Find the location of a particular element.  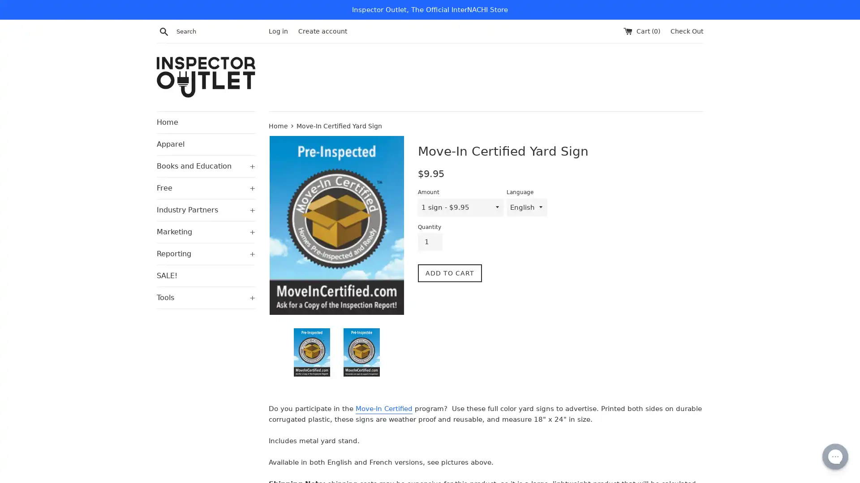

Marketing + is located at coordinates (206, 231).